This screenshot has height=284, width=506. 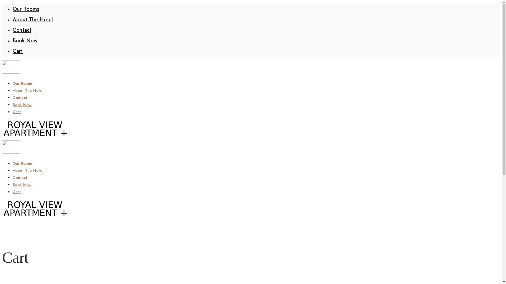 What do you see at coordinates (13, 19) in the screenshot?
I see `'About The Hotel'` at bounding box center [13, 19].